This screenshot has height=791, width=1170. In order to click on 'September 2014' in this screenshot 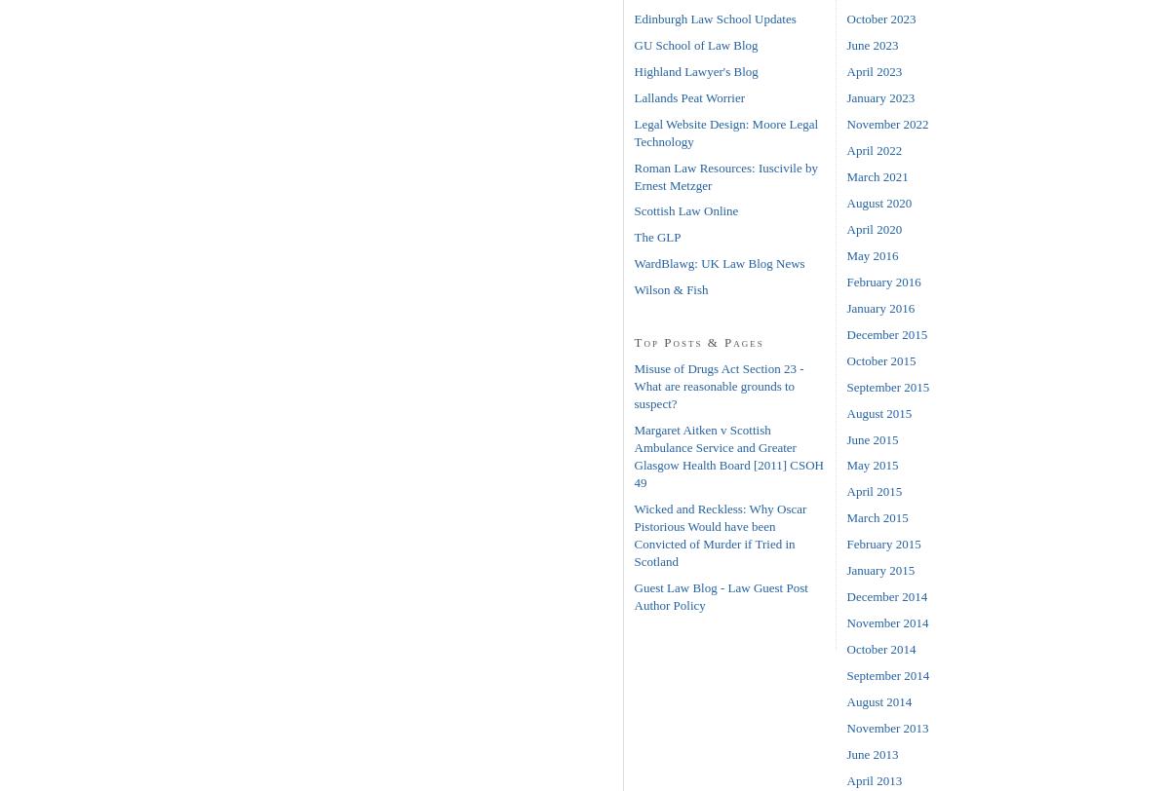, I will do `click(887, 675)`.